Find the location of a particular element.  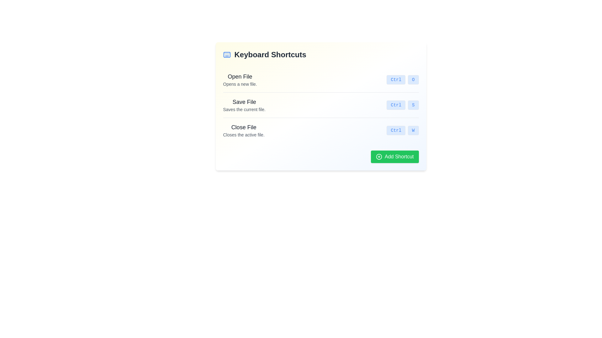

the blue tags labeled 'Ctrl' and 'S' in the 'Keyboard Shortcuts' section is located at coordinates (403, 105).